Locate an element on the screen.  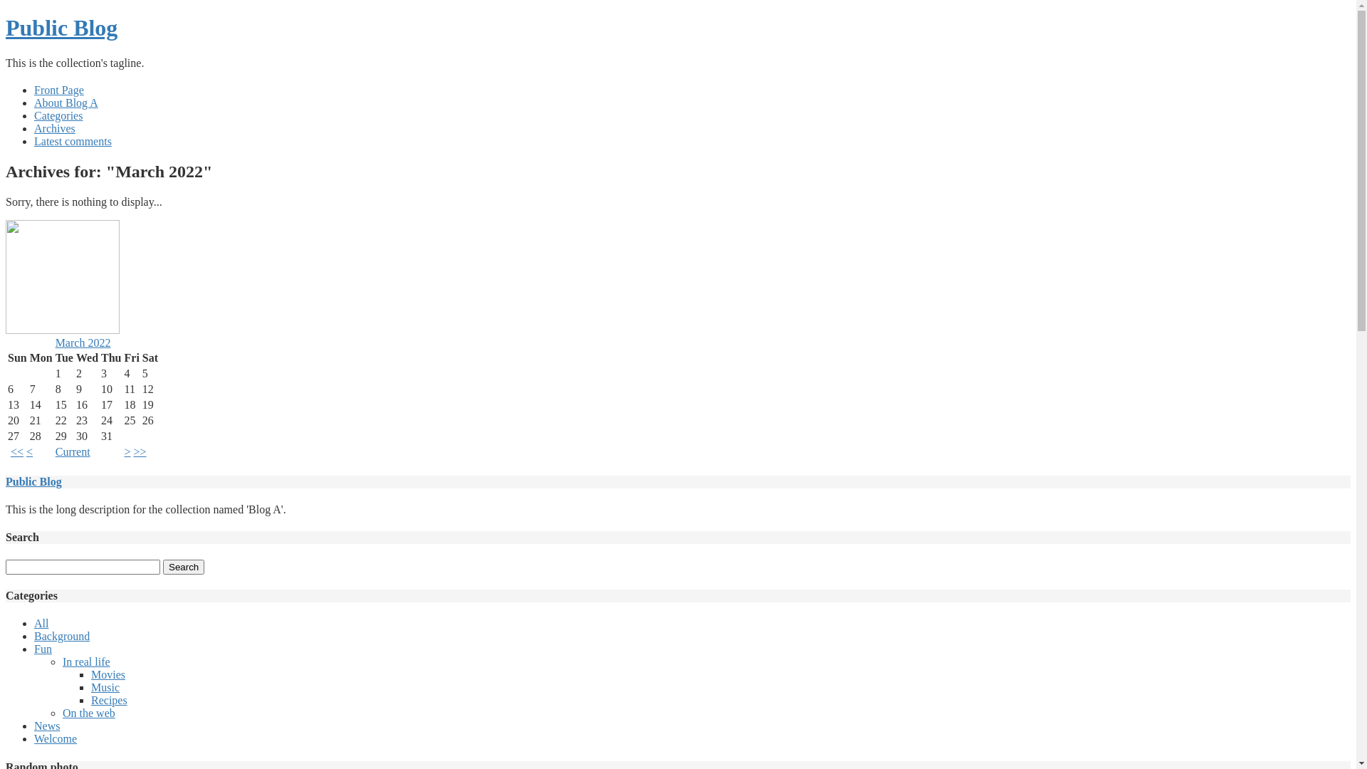
'All' is located at coordinates (41, 622).